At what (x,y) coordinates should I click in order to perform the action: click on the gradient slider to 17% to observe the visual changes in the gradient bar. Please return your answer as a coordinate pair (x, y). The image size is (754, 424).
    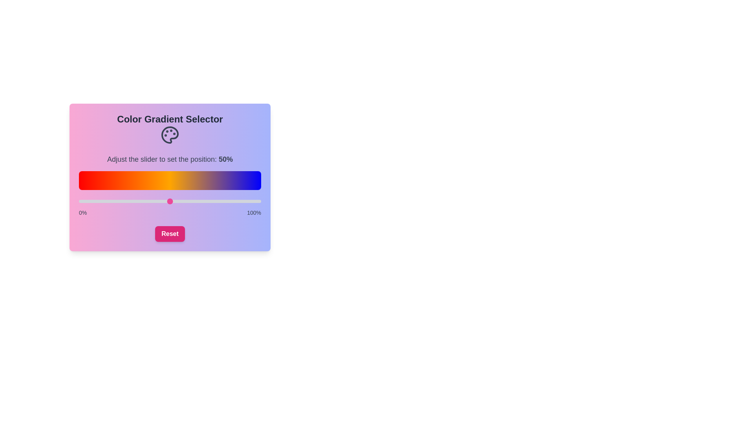
    Looking at the image, I should click on (109, 201).